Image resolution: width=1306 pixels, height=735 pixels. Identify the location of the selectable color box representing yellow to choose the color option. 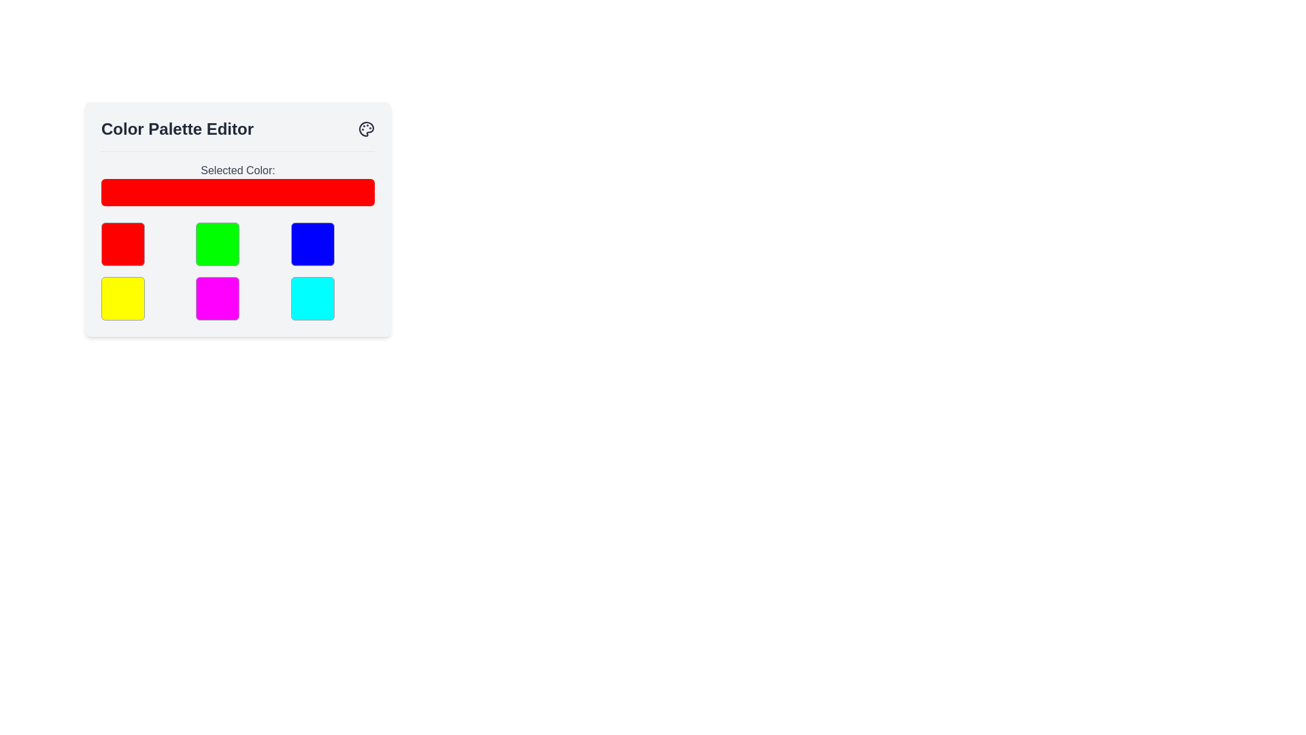
(123, 298).